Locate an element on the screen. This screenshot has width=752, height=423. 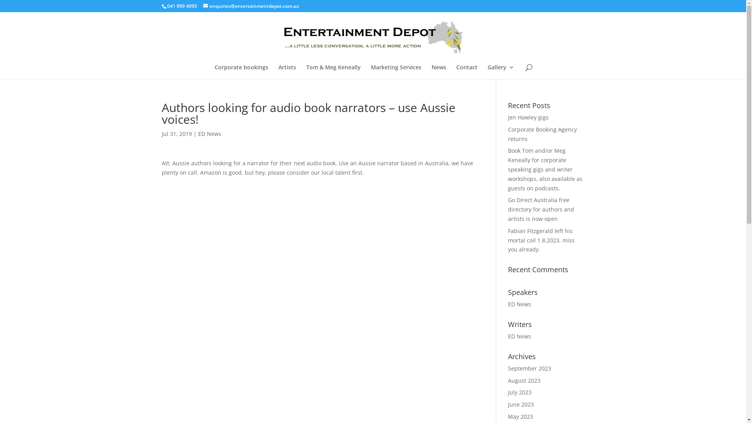
'May 2023' is located at coordinates (521, 416).